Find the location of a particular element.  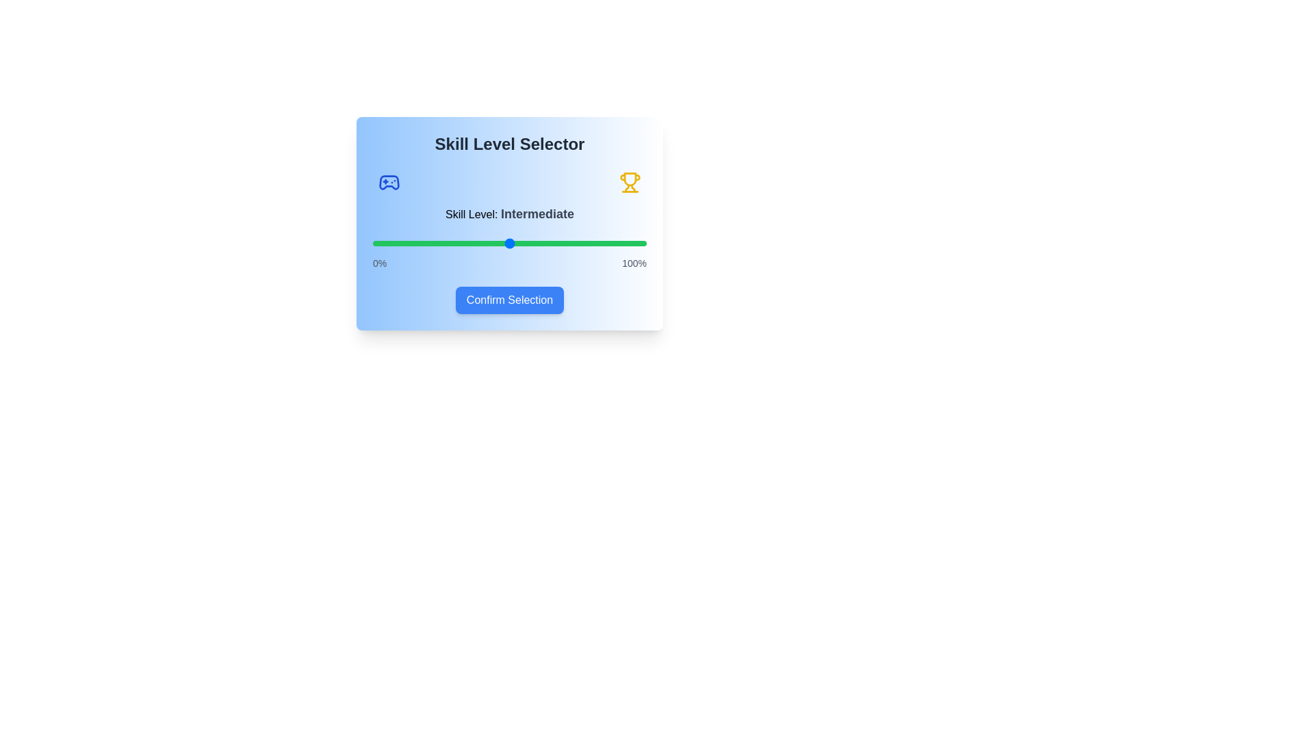

the skill level slider to 0%, where 0 is a value between 0 and 100 is located at coordinates (373, 242).